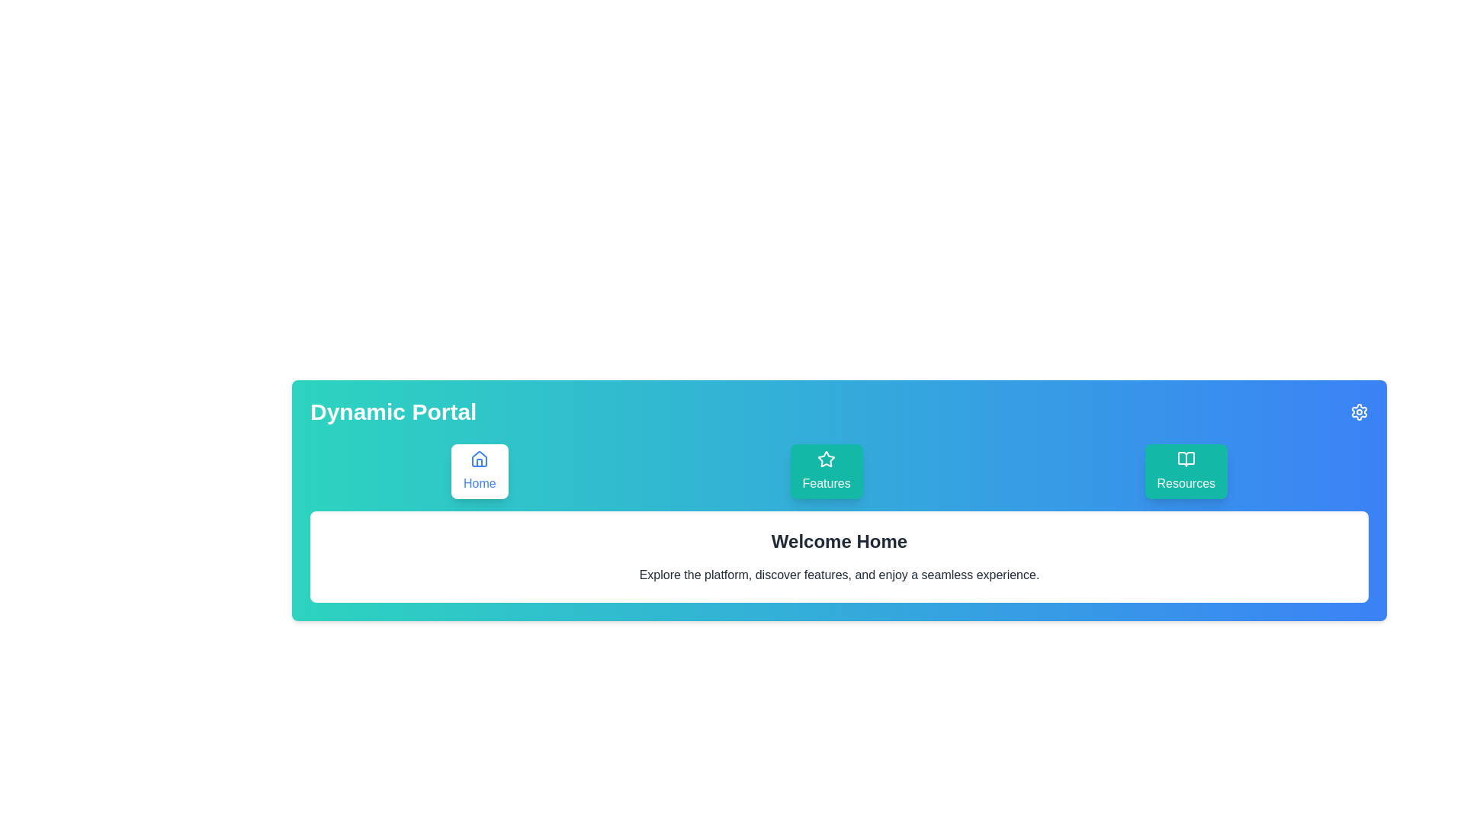  Describe the element at coordinates (826, 458) in the screenshot. I see `the button labeled 'Features' that contains the star-shaped icon with a white border and a transparent inner section` at that location.